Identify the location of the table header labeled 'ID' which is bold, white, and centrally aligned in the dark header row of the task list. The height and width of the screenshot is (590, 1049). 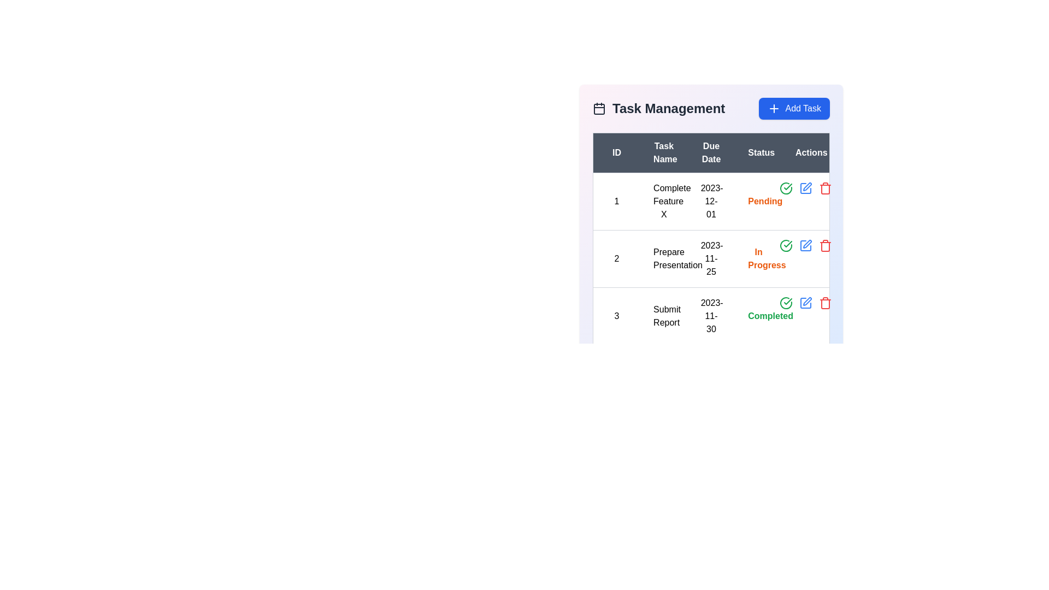
(616, 153).